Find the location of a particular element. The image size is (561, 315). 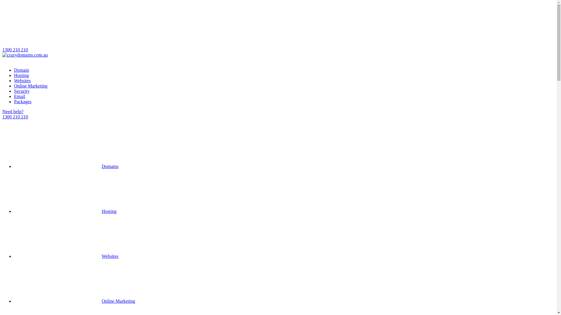

'Domain' is located at coordinates (21, 70).